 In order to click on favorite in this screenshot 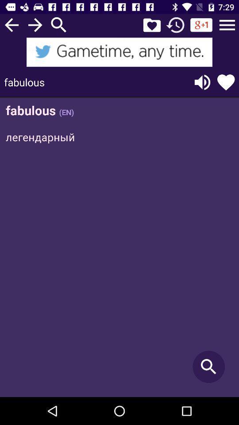, I will do `click(151, 24)`.